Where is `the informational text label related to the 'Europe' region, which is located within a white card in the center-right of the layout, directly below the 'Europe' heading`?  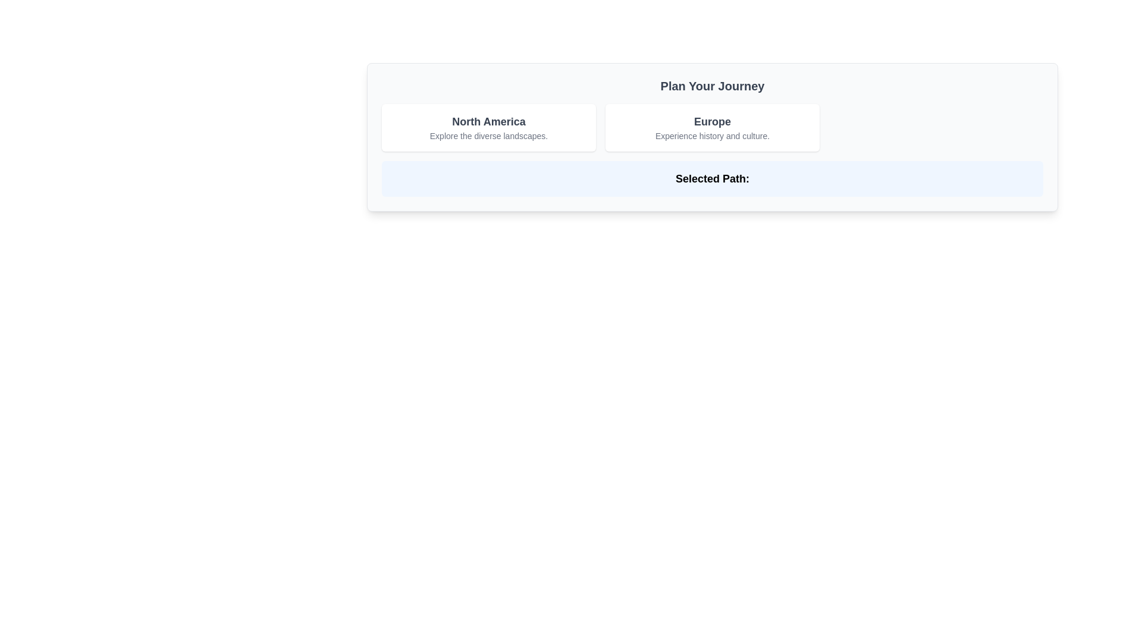 the informational text label related to the 'Europe' region, which is located within a white card in the center-right of the layout, directly below the 'Europe' heading is located at coordinates (713, 135).